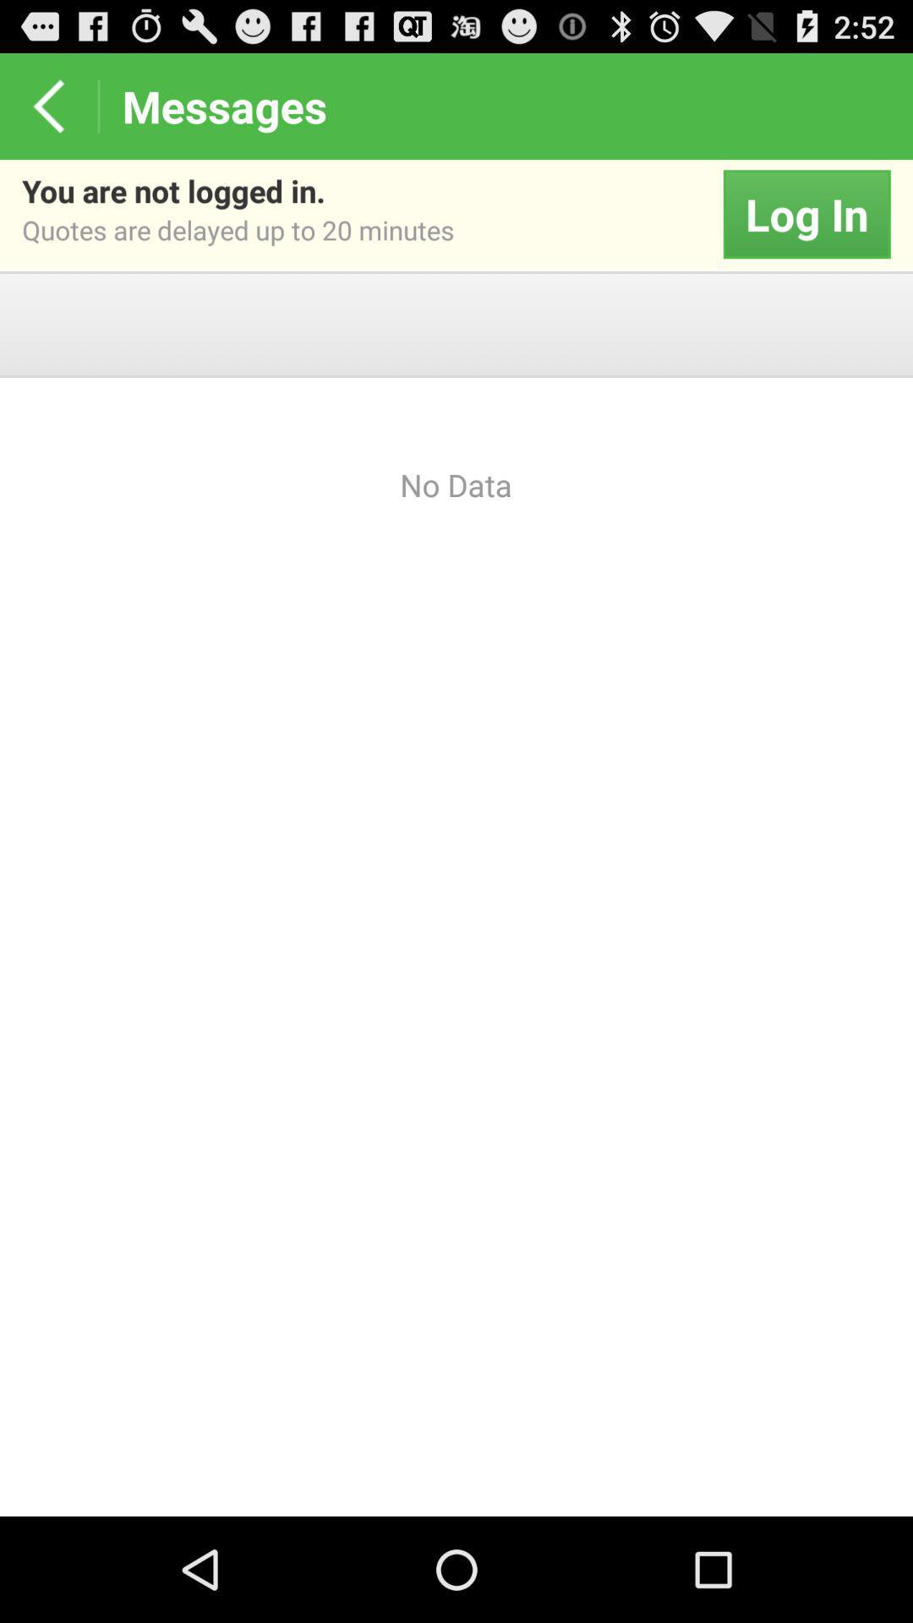 The height and width of the screenshot is (1623, 913). Describe the element at coordinates (47, 112) in the screenshot. I see `the arrow_backward icon` at that location.